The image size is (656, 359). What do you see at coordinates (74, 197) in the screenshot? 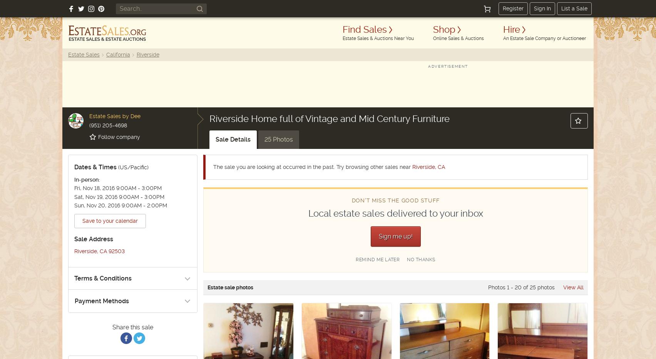
I see `'Sat, Nov 19, 2016'` at bounding box center [74, 197].